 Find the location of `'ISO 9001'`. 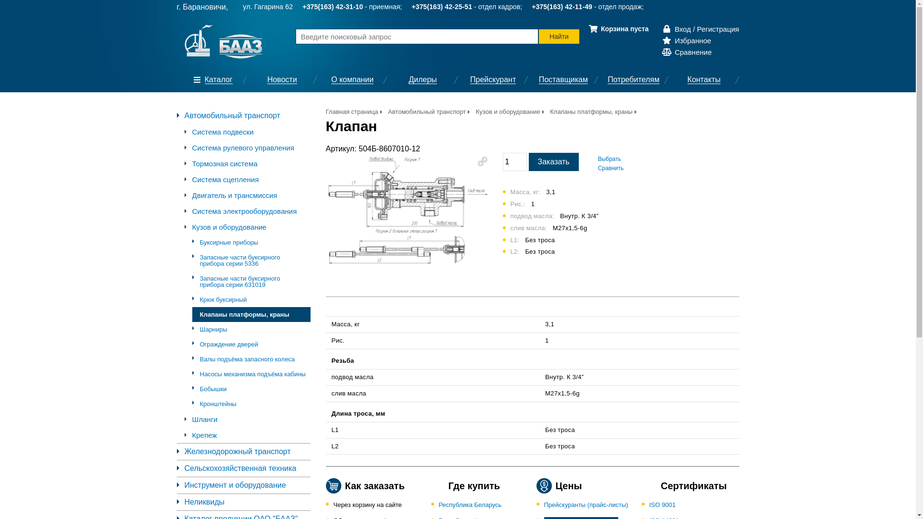

'ISO 9001' is located at coordinates (661, 504).